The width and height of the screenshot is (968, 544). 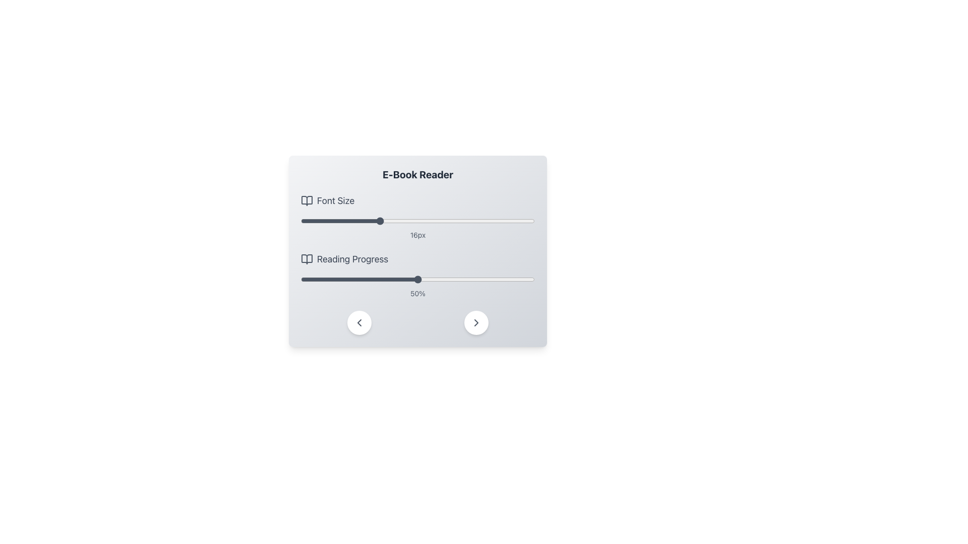 What do you see at coordinates (418, 276) in the screenshot?
I see `the progress bar labeled 'Reading Progress' which displays a book icon on the left and shows 50% progress, located below the 'Font Size' section` at bounding box center [418, 276].